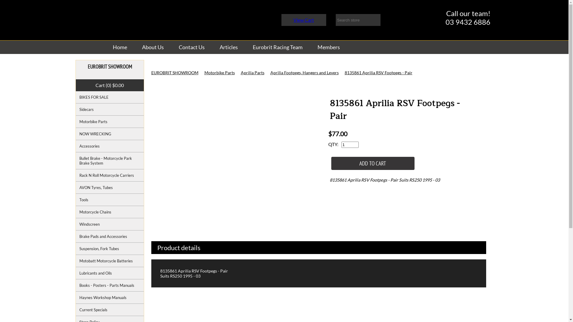 Image resolution: width=573 pixels, height=322 pixels. What do you see at coordinates (110, 285) in the screenshot?
I see `'Books - Posters - Parts Manuals'` at bounding box center [110, 285].